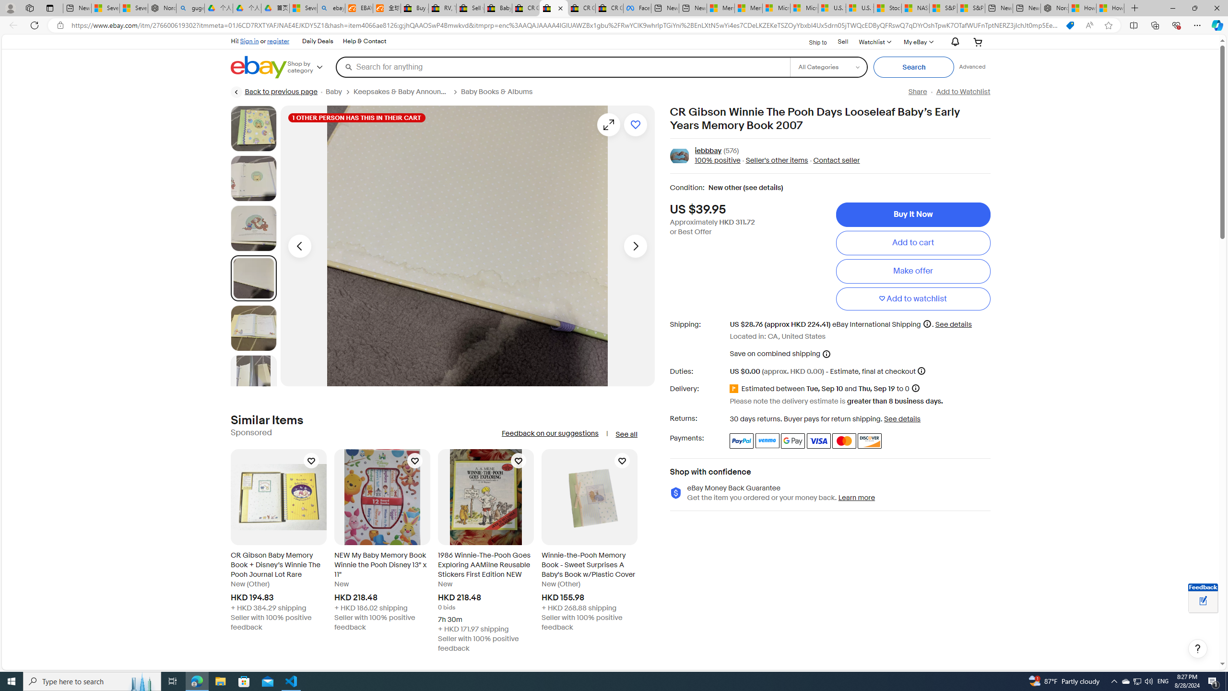 This screenshot has height=691, width=1228. What do you see at coordinates (565, 25) in the screenshot?
I see `'Address and search bar'` at bounding box center [565, 25].